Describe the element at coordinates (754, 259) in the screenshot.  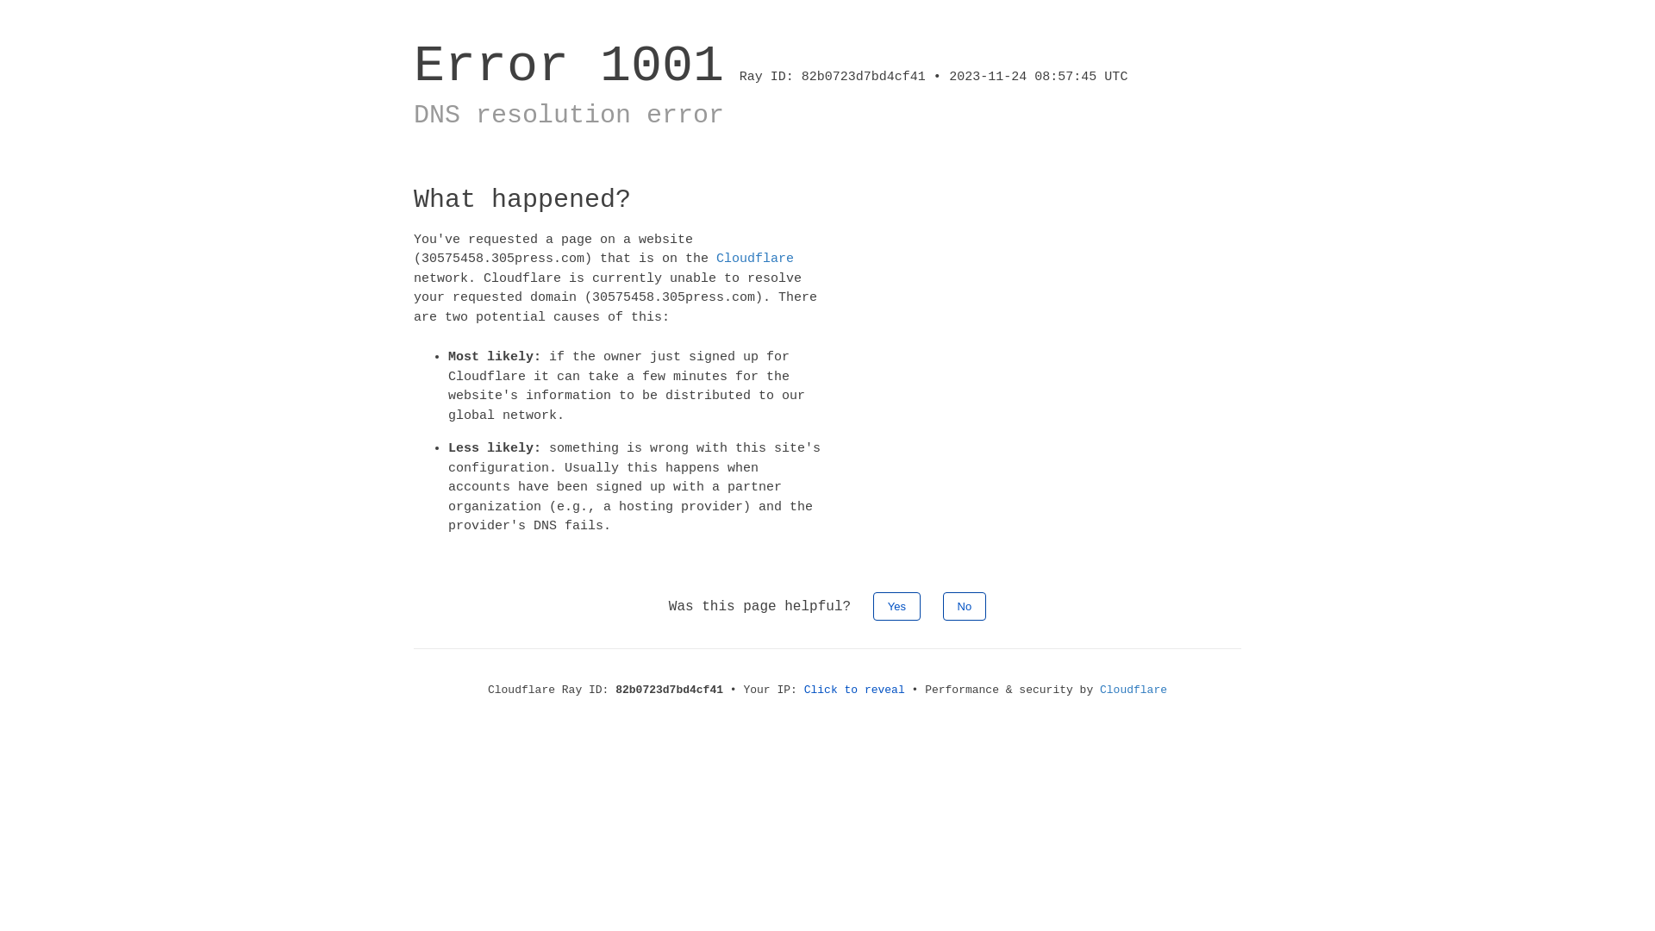
I see `'Cloudflare'` at that location.